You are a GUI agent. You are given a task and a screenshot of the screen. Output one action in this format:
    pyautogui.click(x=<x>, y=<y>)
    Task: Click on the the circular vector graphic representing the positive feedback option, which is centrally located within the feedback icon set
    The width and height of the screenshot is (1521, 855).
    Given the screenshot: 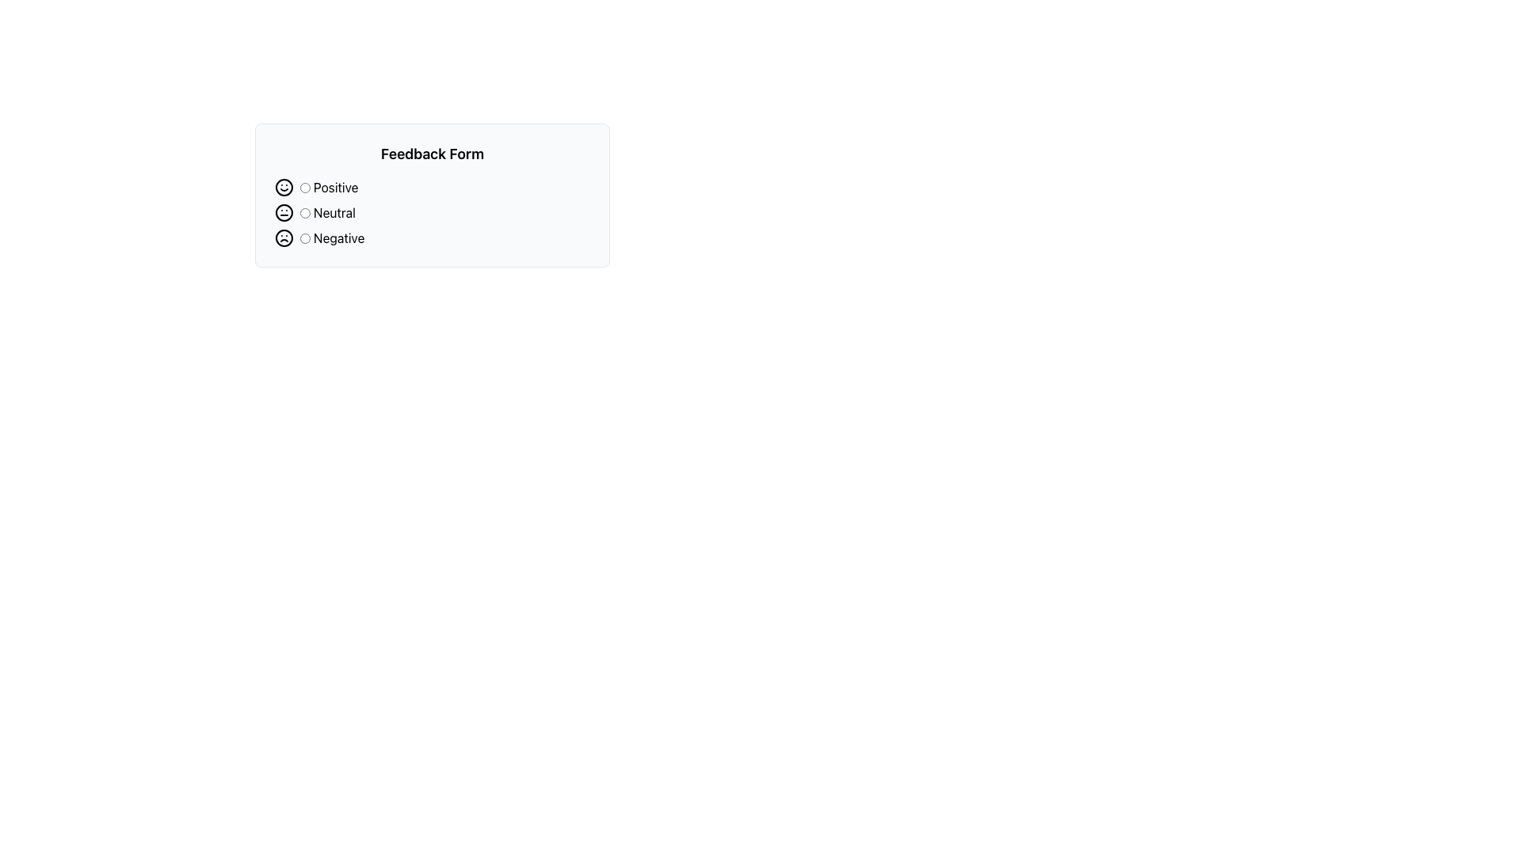 What is the action you would take?
    pyautogui.click(x=284, y=186)
    